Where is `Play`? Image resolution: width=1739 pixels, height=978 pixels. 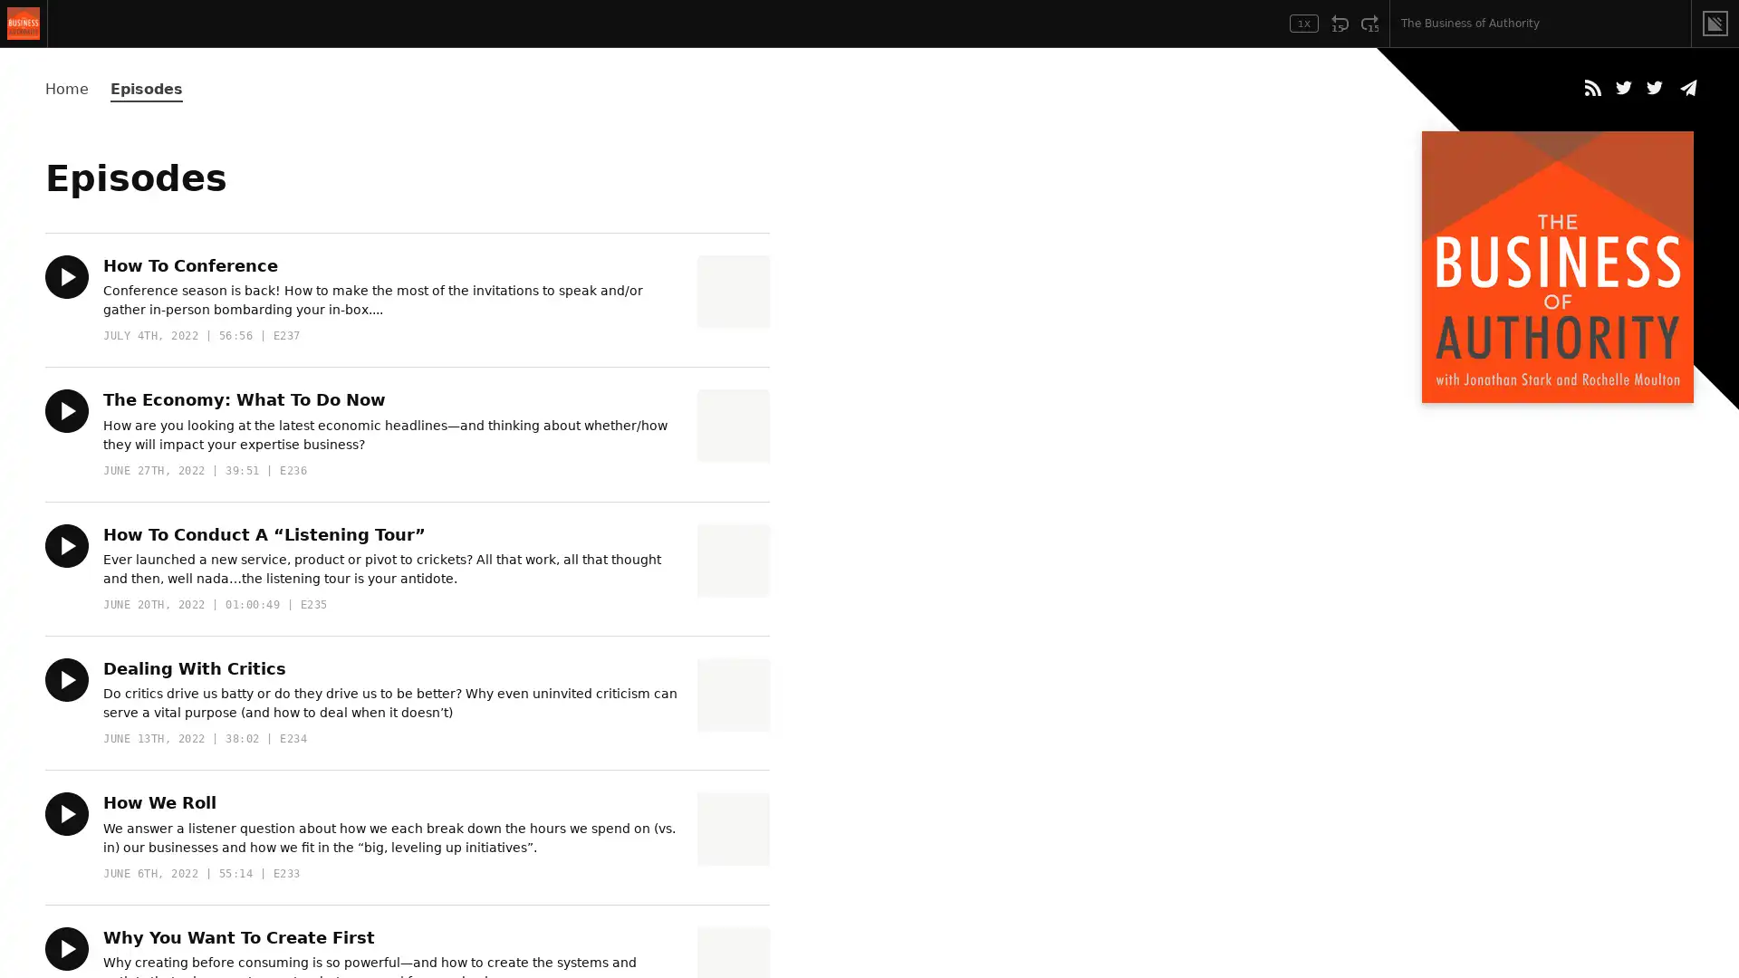 Play is located at coordinates (66, 946).